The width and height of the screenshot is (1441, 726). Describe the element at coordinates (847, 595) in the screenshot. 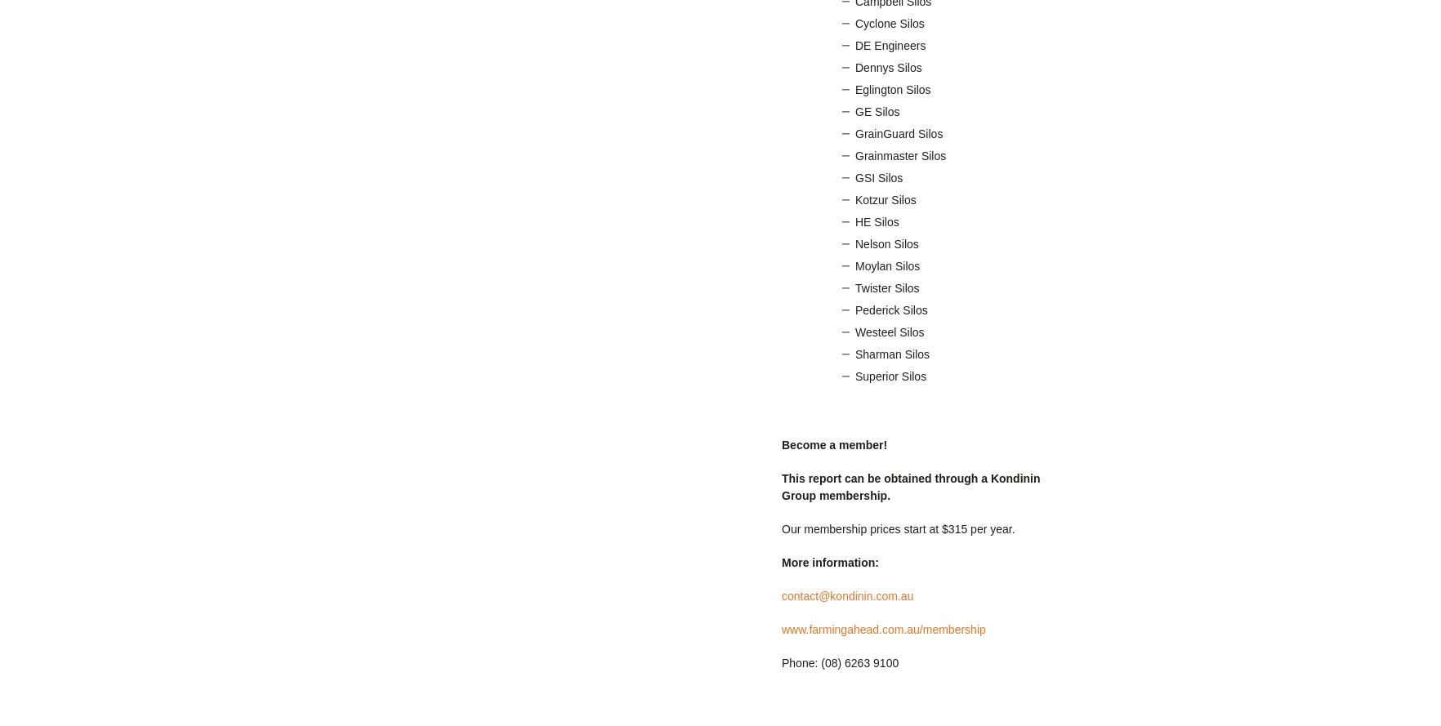

I see `'contact@kondinin.com.au'` at that location.